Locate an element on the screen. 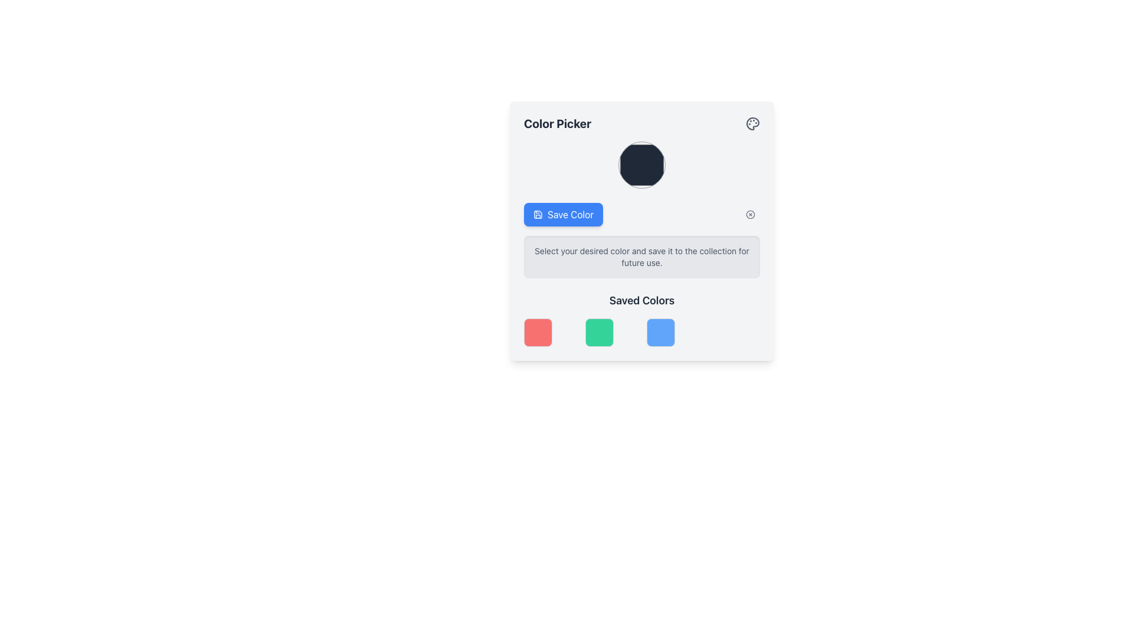 This screenshot has height=637, width=1133. the instructional text that reads 'Select your desired color and save it to the collection for future use,' which is located beneath the 'Save Color' button and above the 'Saved Colors' section is located at coordinates (641, 256).